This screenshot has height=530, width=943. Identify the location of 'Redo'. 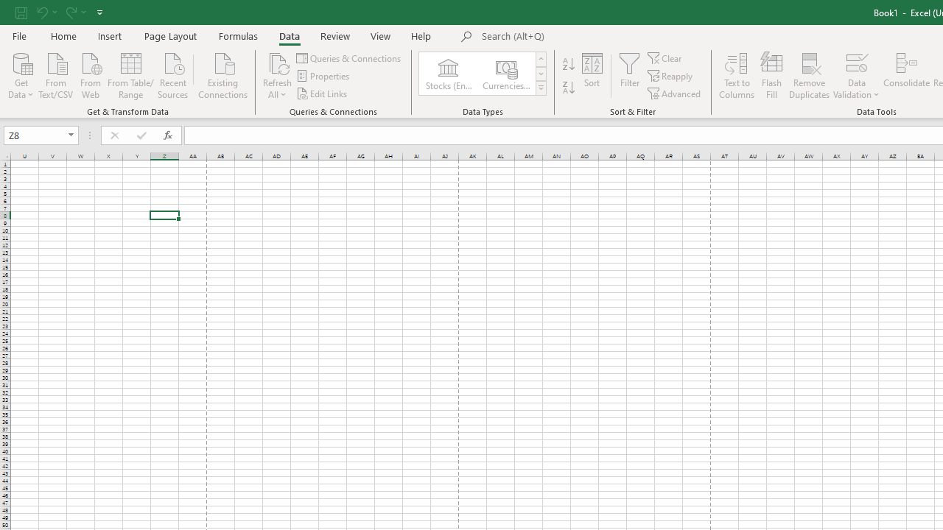
(69, 12).